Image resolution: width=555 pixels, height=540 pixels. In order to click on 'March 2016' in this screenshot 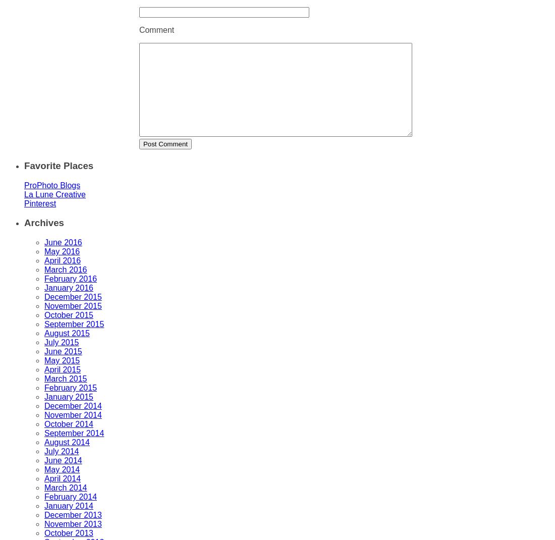, I will do `click(66, 269)`.